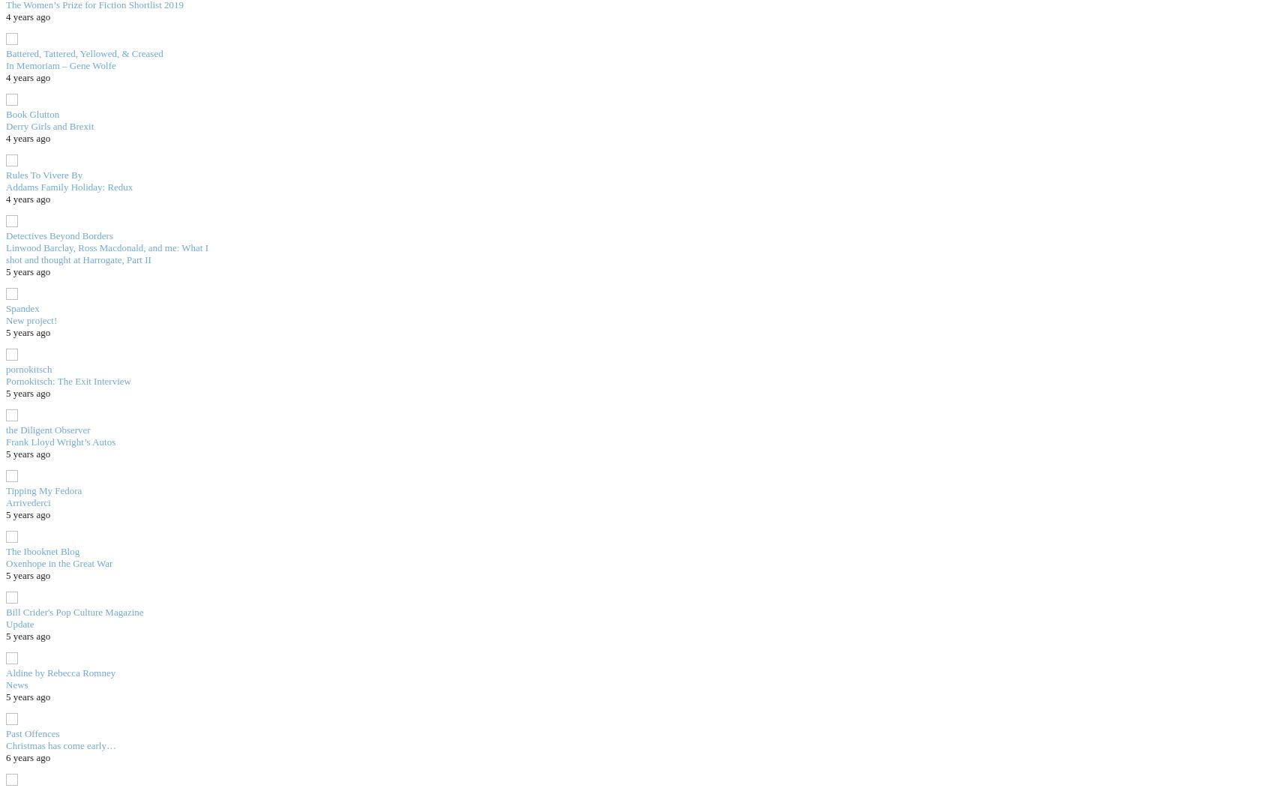 Image resolution: width=1283 pixels, height=788 pixels. Describe the element at coordinates (21, 307) in the screenshot. I see `'Spandex'` at that location.